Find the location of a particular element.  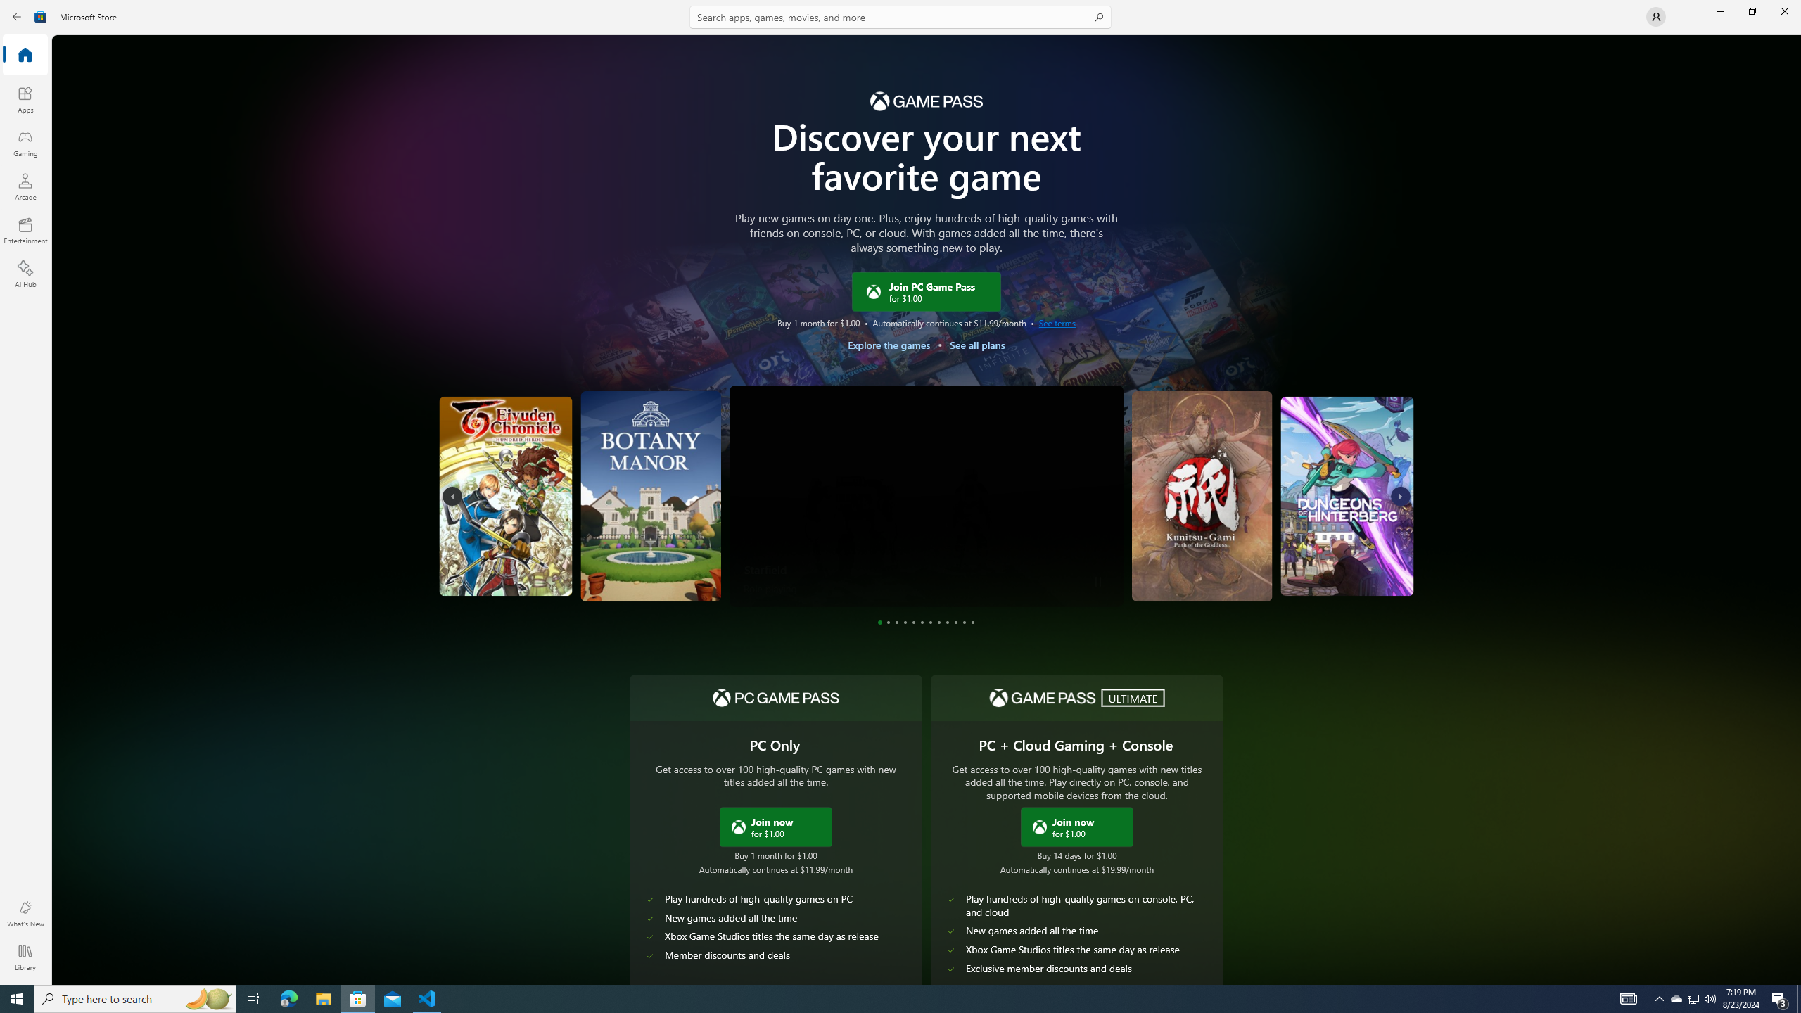

'Explore the games' is located at coordinates (889, 345).